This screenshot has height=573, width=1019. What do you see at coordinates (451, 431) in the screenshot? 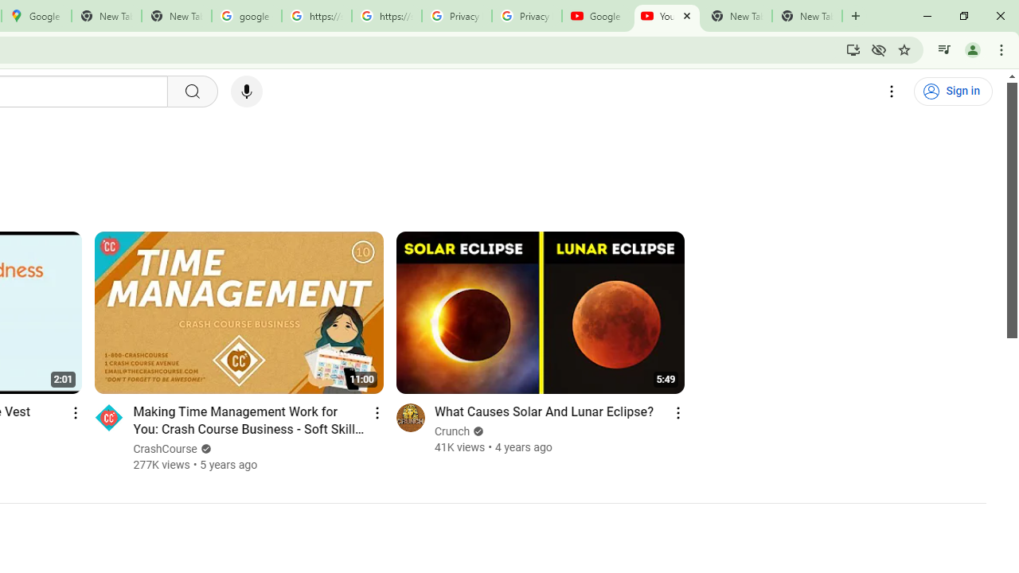
I see `'Crunch'` at bounding box center [451, 431].